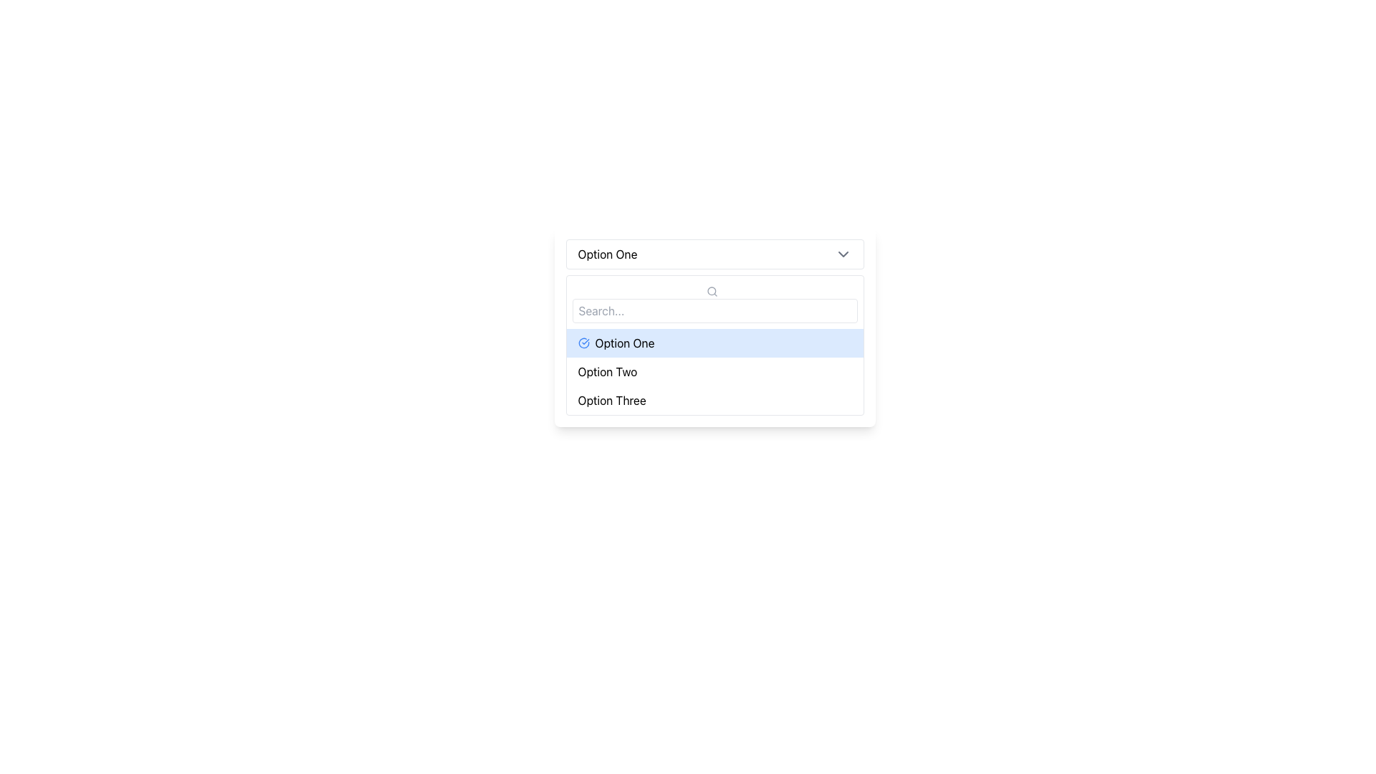  What do you see at coordinates (715, 371) in the screenshot?
I see `the second selectable option labeled 'Option Two' in the dropdown list` at bounding box center [715, 371].